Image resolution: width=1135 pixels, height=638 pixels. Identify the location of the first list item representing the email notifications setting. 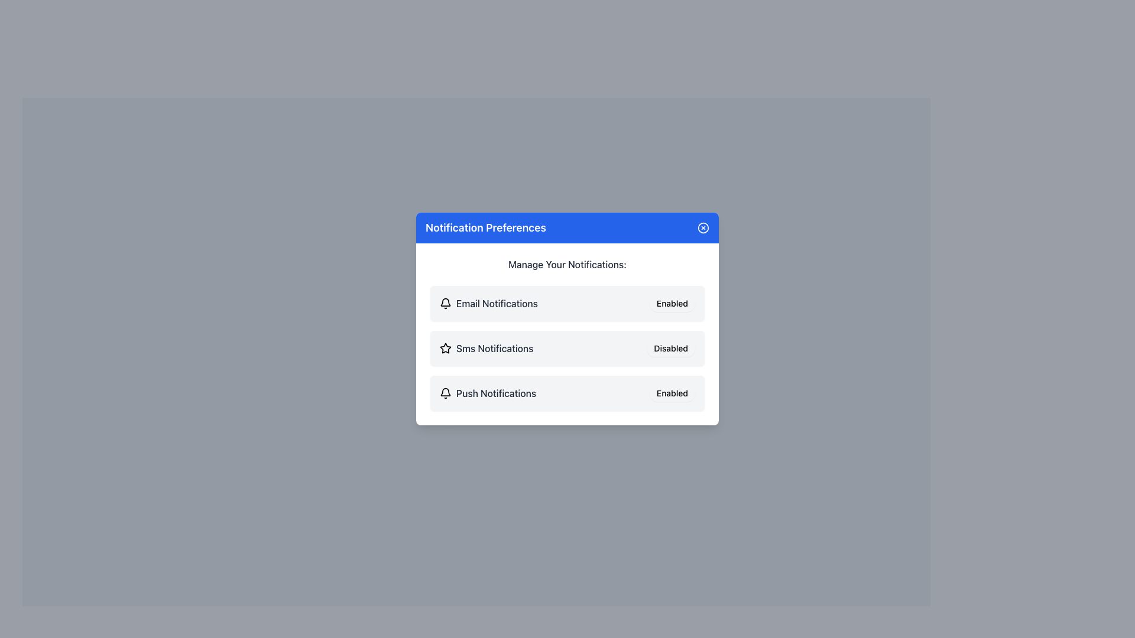
(567, 302).